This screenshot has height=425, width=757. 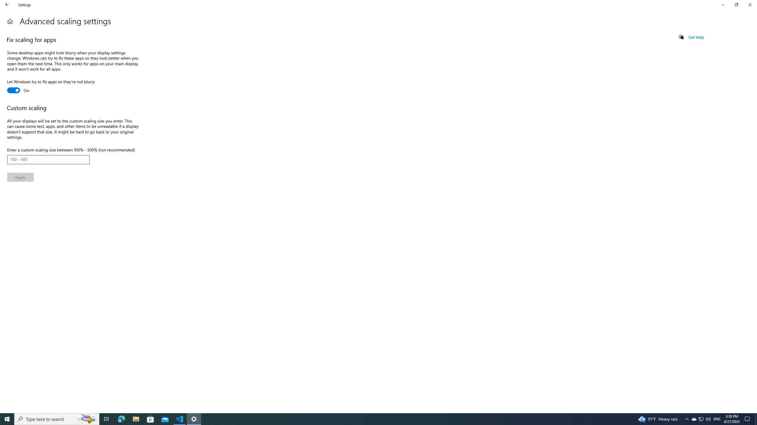 I want to click on 'Type here to search', so click(x=56, y=419).